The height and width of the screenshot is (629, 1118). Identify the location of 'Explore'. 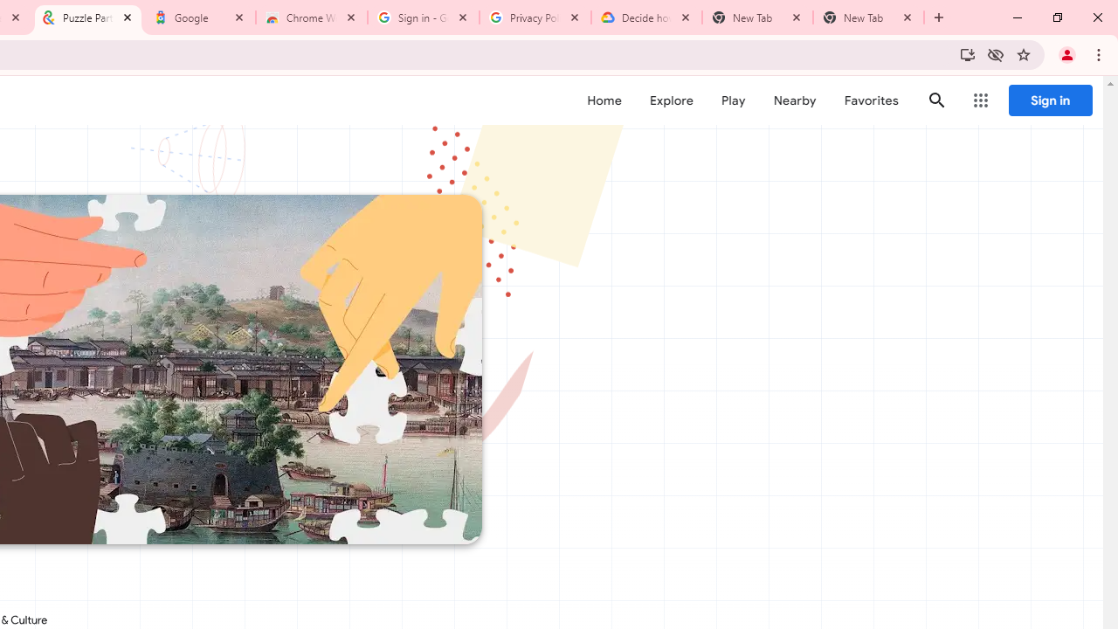
(670, 100).